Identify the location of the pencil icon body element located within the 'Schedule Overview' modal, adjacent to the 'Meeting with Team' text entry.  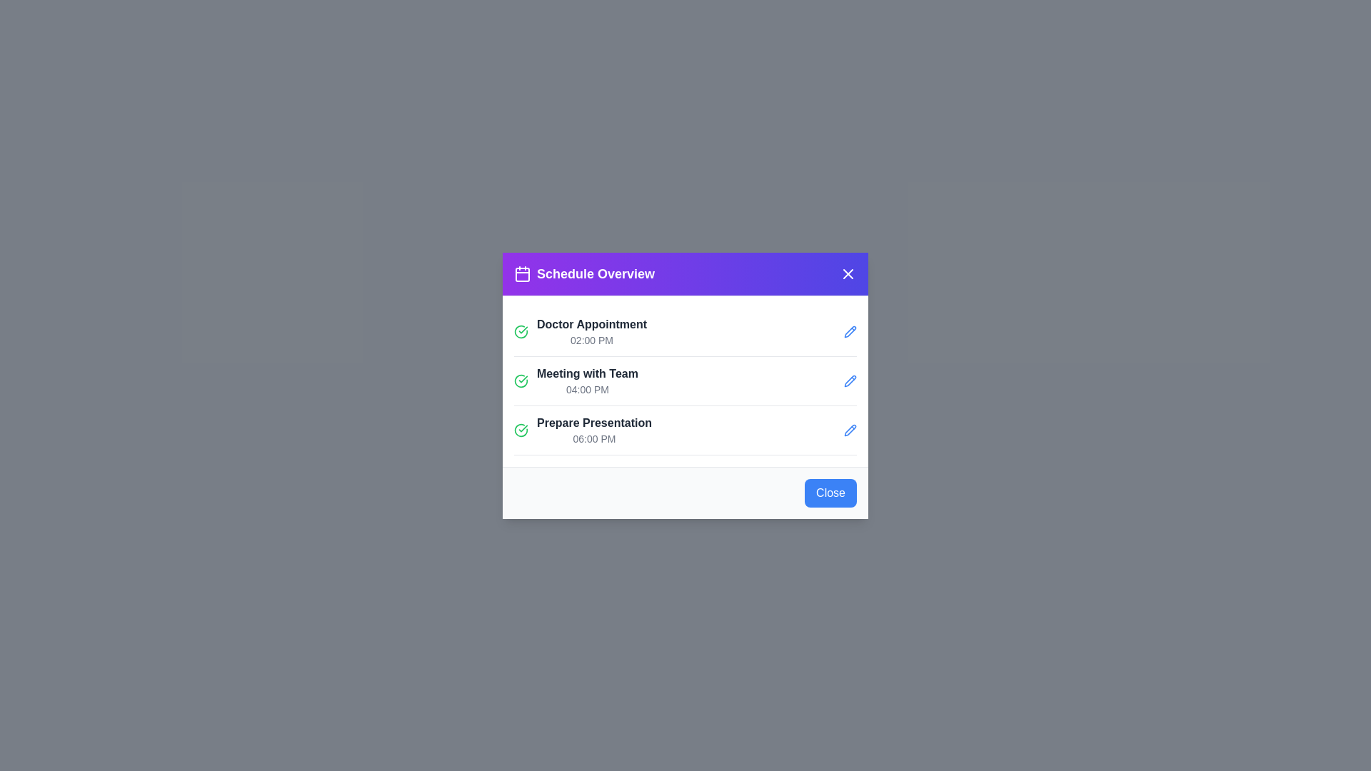
(850, 380).